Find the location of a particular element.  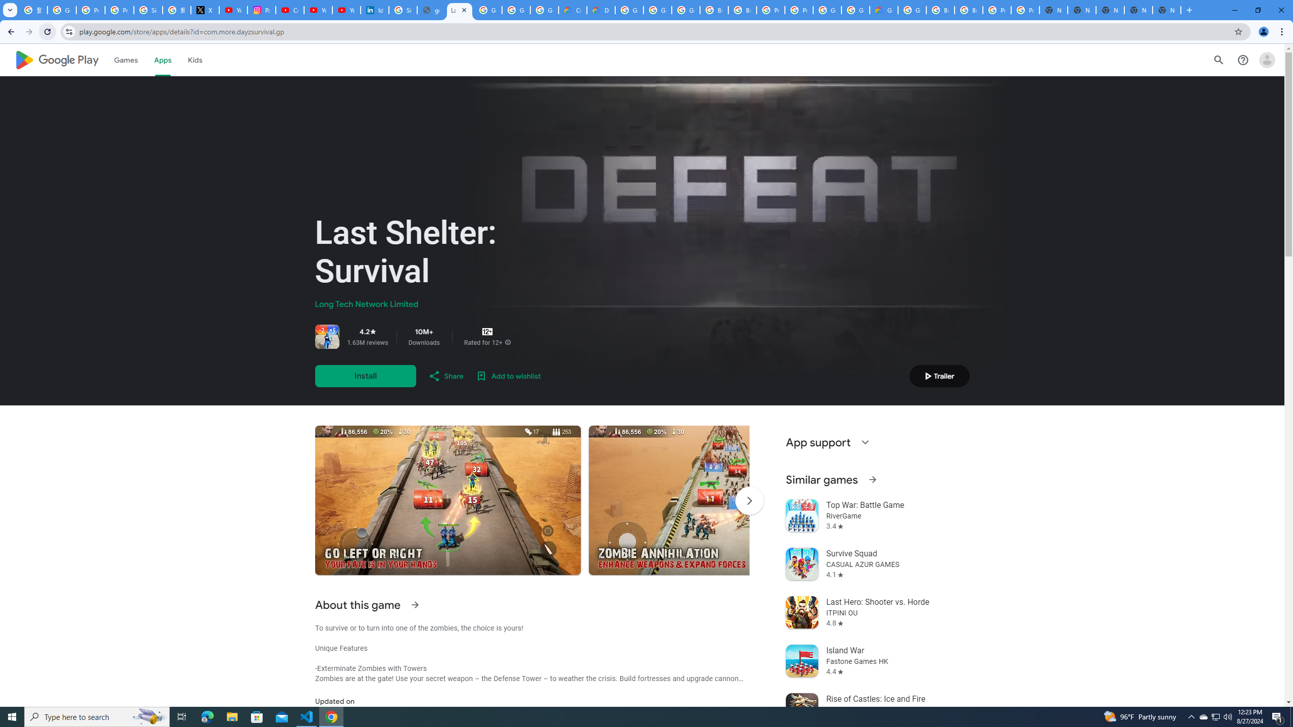

'Google Cloud Platform' is located at coordinates (912, 10).